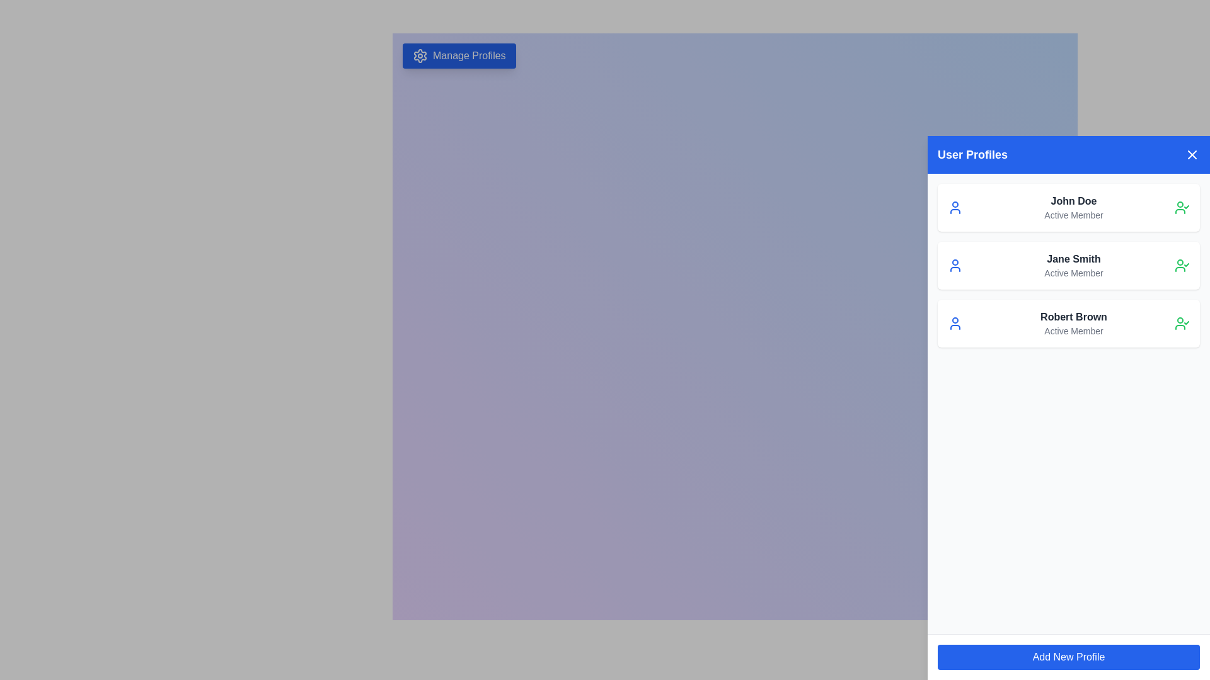 The width and height of the screenshot is (1210, 680). I want to click on the 'Jane Smith' text element located centrally in the user profile section, so click(1073, 259).